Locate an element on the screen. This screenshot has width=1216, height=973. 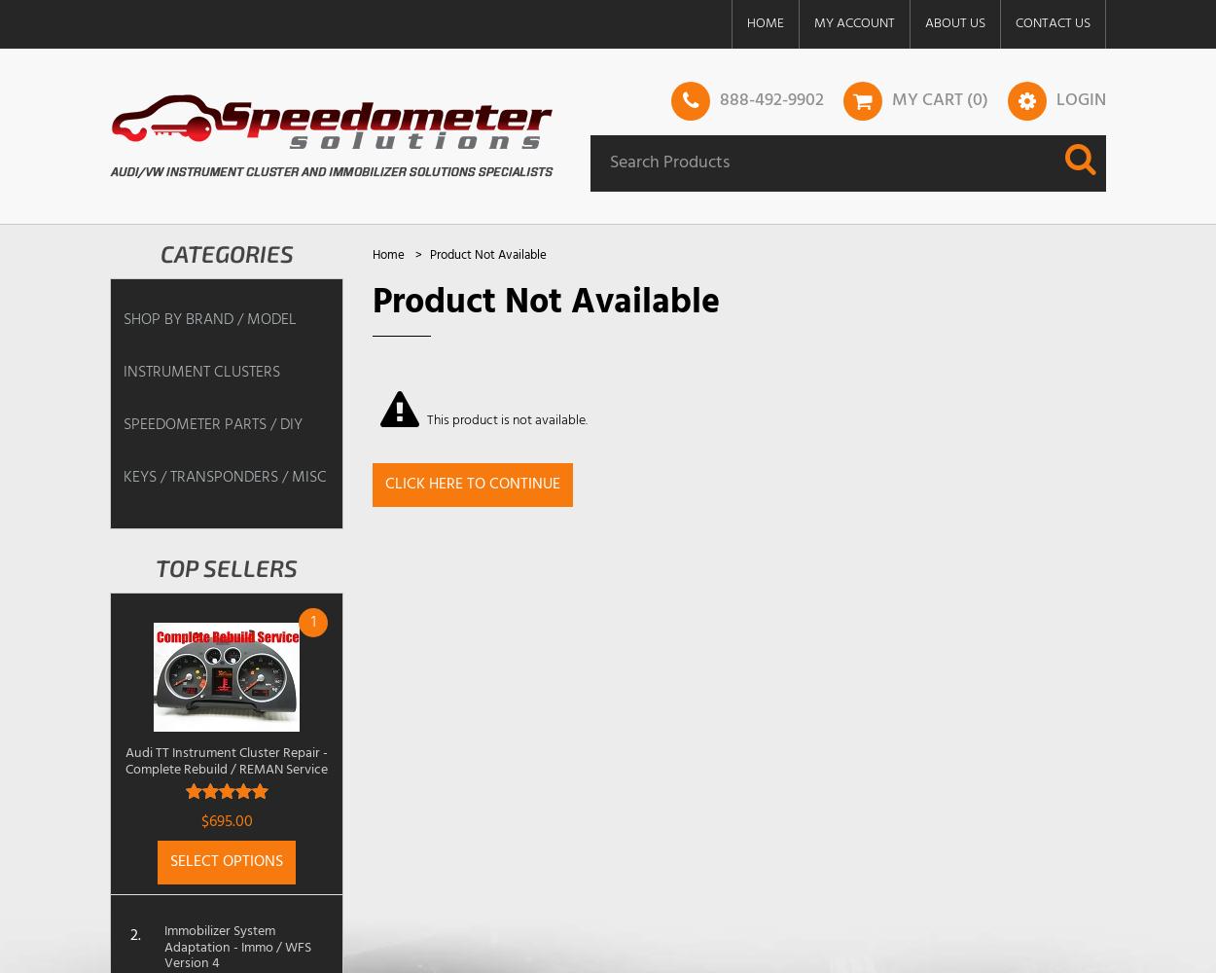
'Contact Us' is located at coordinates (1052, 23).